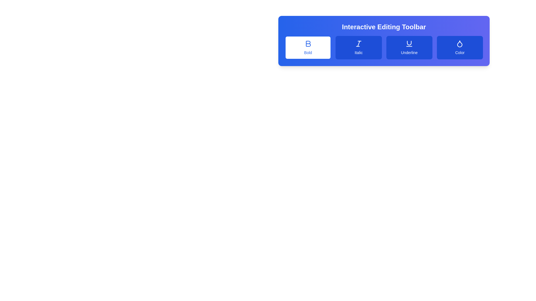  What do you see at coordinates (409, 47) in the screenshot?
I see `the 'Underline' button, which has rounded corners, a blue background, and white text with an underline icon` at bounding box center [409, 47].